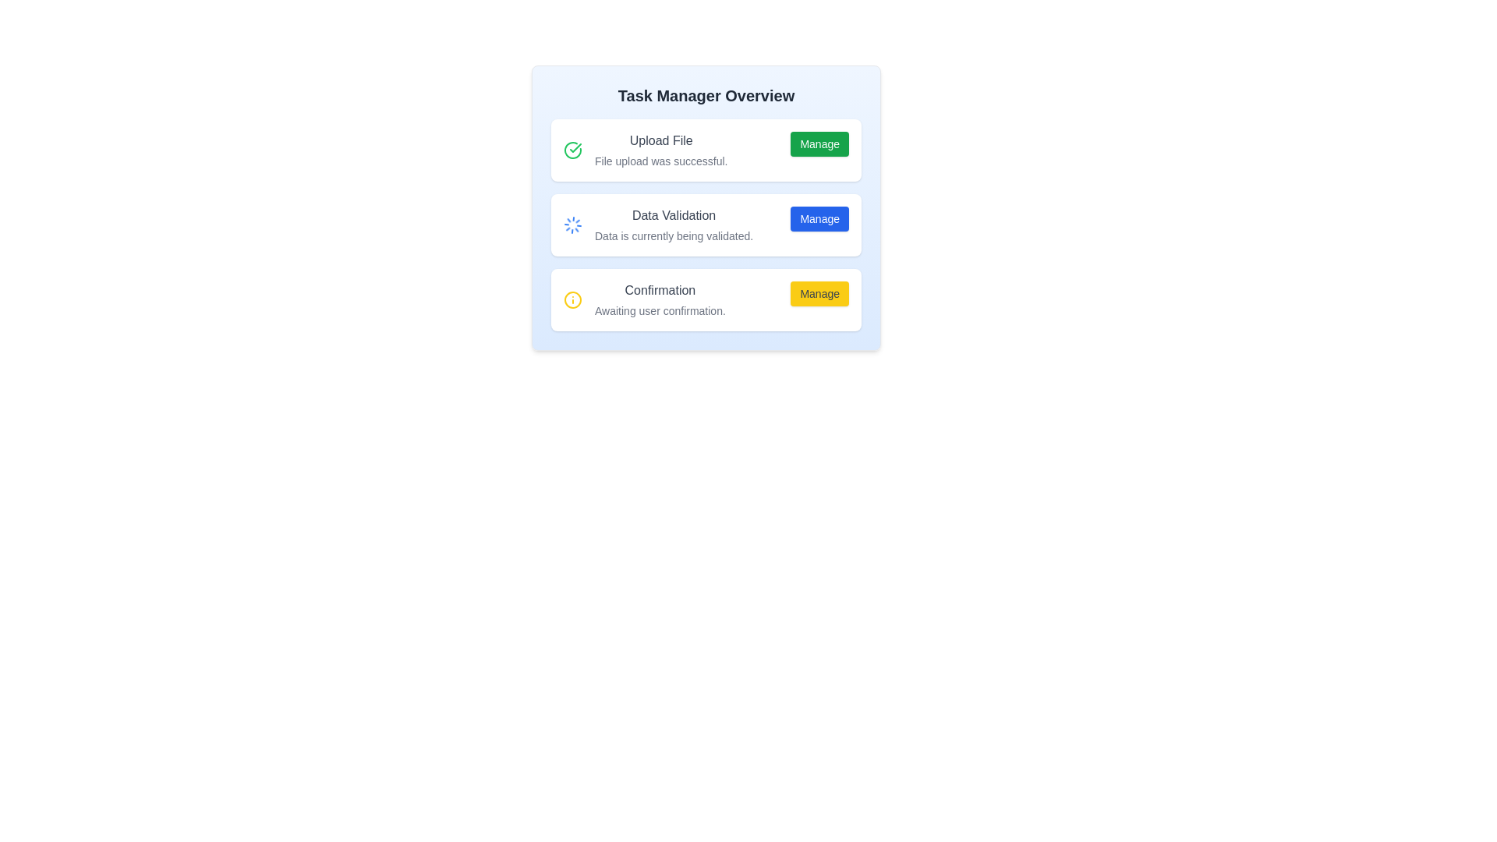 The width and height of the screenshot is (1497, 842). What do you see at coordinates (706, 225) in the screenshot?
I see `displayed information from the 'Data Validation' informational card, which includes the title in medium gray text and the description in light gray text` at bounding box center [706, 225].